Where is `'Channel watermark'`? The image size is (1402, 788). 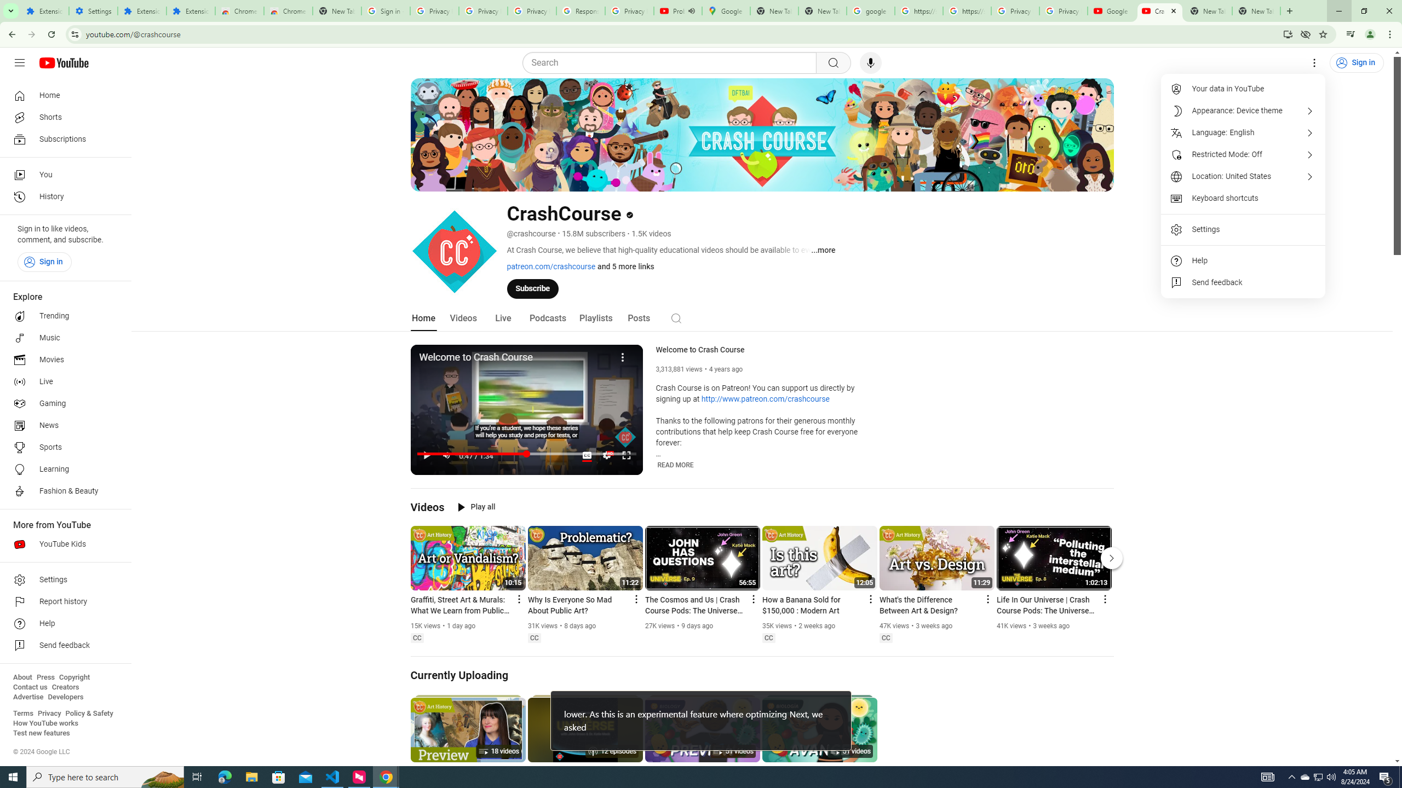 'Channel watermark' is located at coordinates (625, 437).